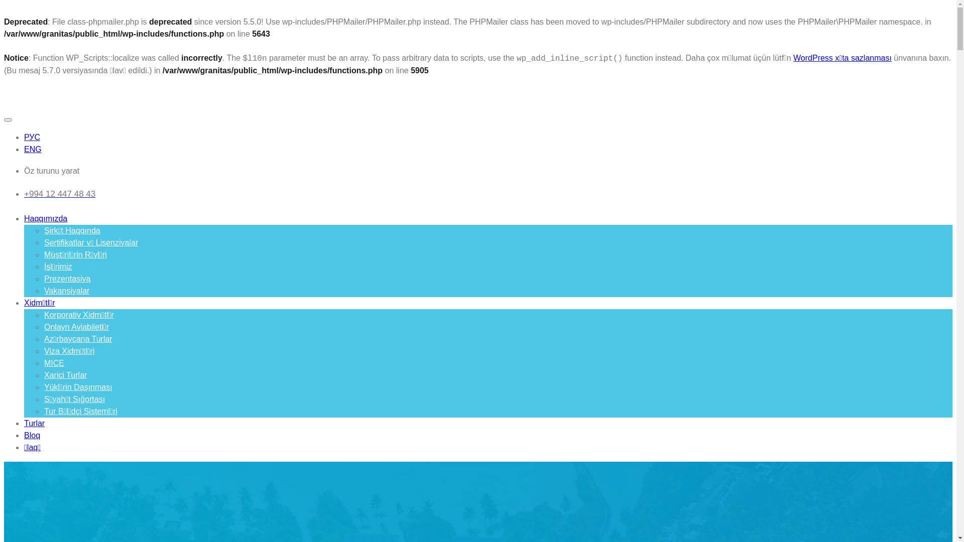  Describe the element at coordinates (24, 194) in the screenshot. I see `'+994 12 447 48 43'` at that location.